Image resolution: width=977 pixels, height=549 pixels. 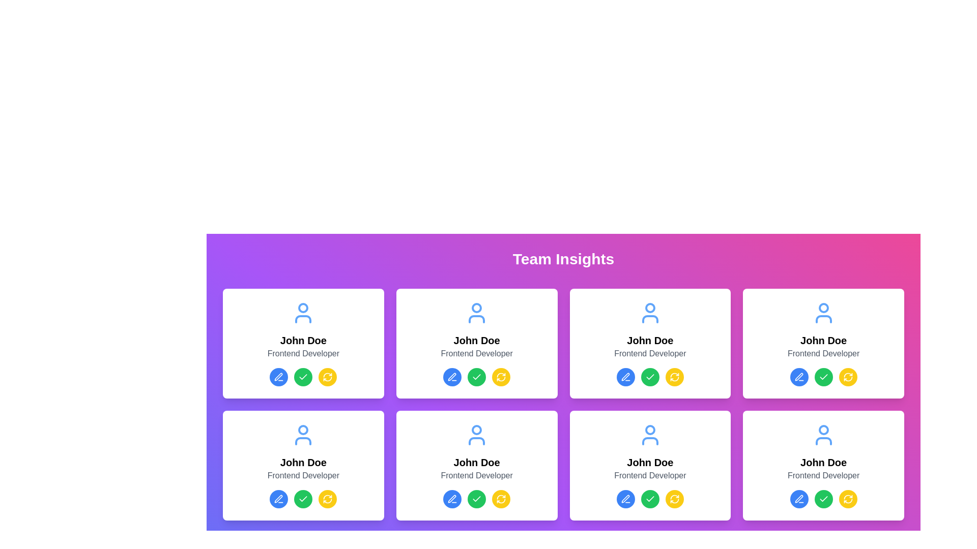 I want to click on the pencil icon, which is styled as a vector graphic and indicates edit functionality, located within a circular blue button at the bottom-left corner of the second row of cards, so click(x=279, y=499).